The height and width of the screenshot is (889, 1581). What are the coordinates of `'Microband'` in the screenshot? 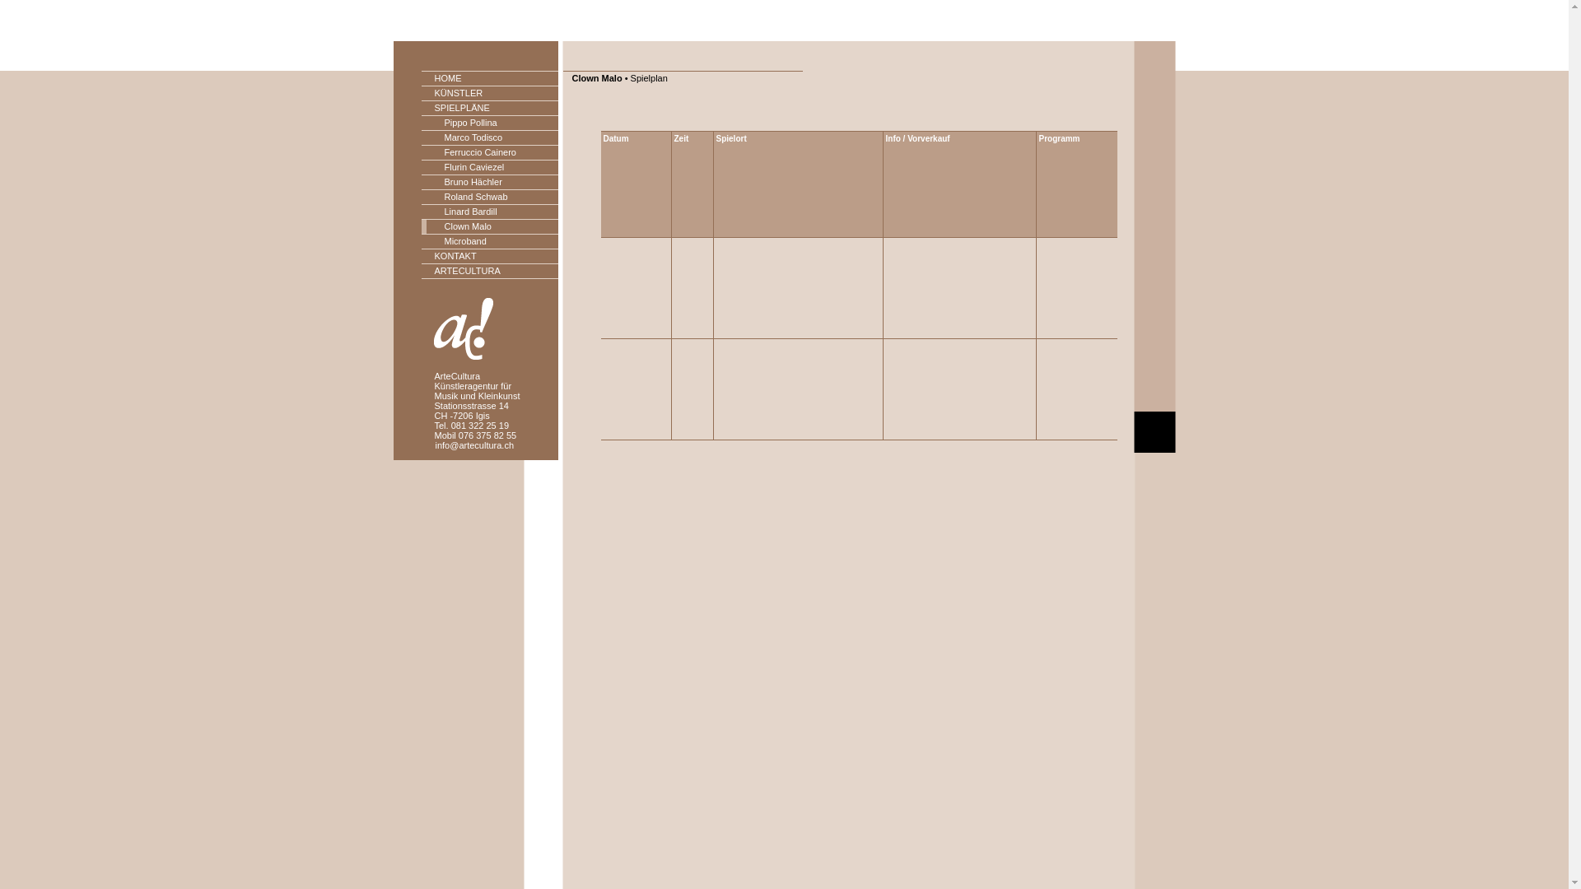 It's located at (489, 241).